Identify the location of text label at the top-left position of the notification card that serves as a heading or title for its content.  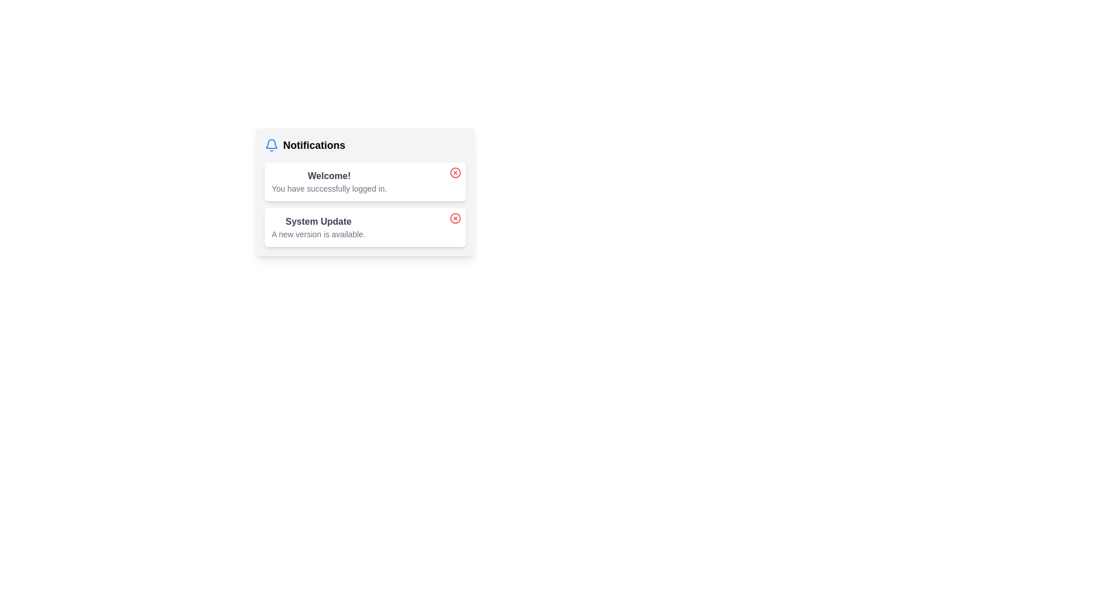
(328, 176).